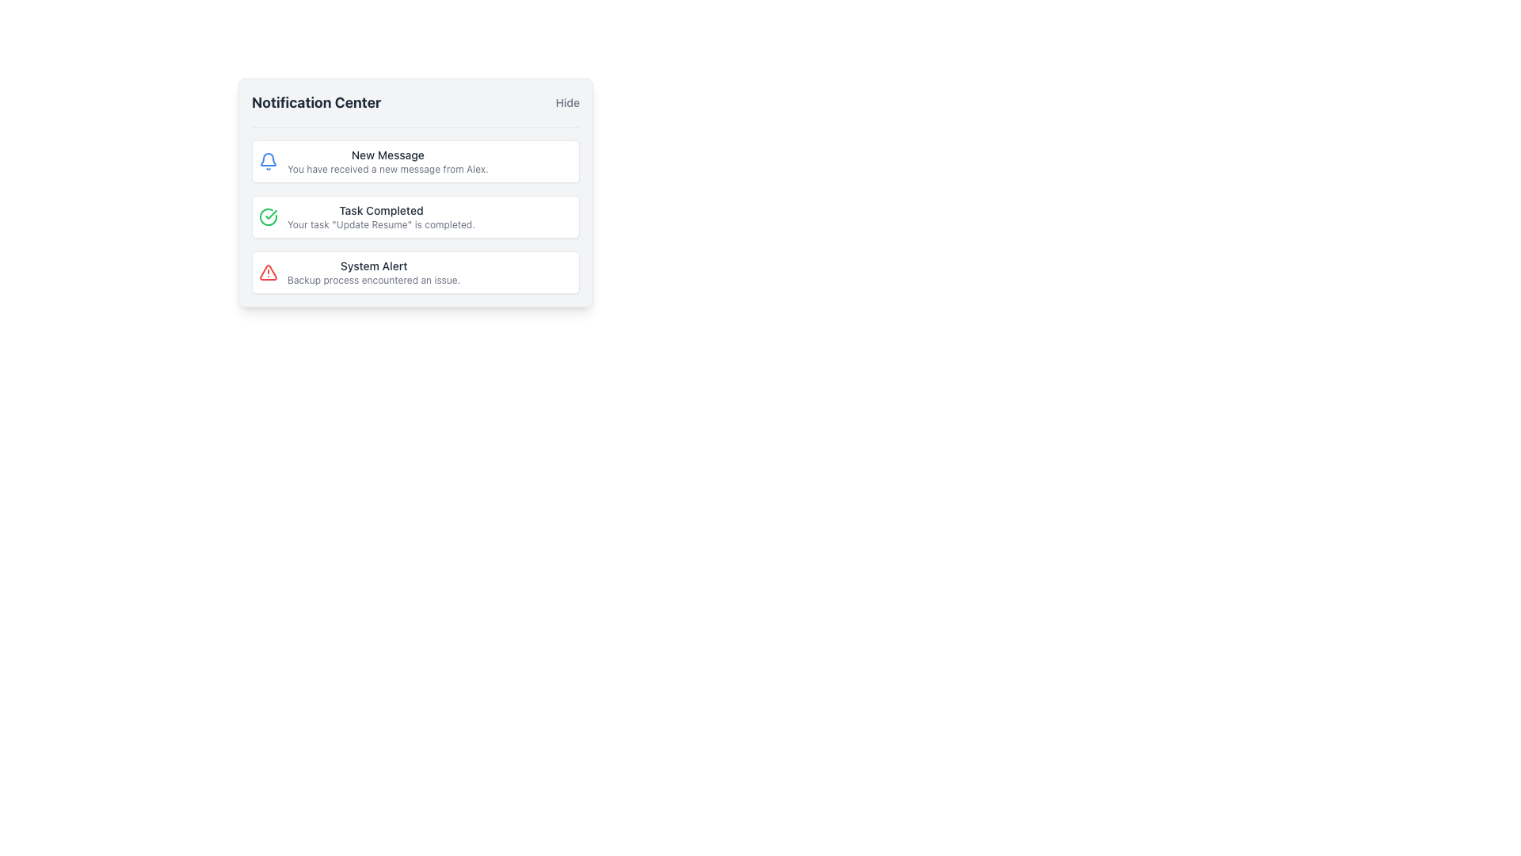 This screenshot has width=1521, height=856. I want to click on notification message stating 'Your task "Update Resume" is completed.' which is located within the 'Task Completed' notification card, so click(381, 225).